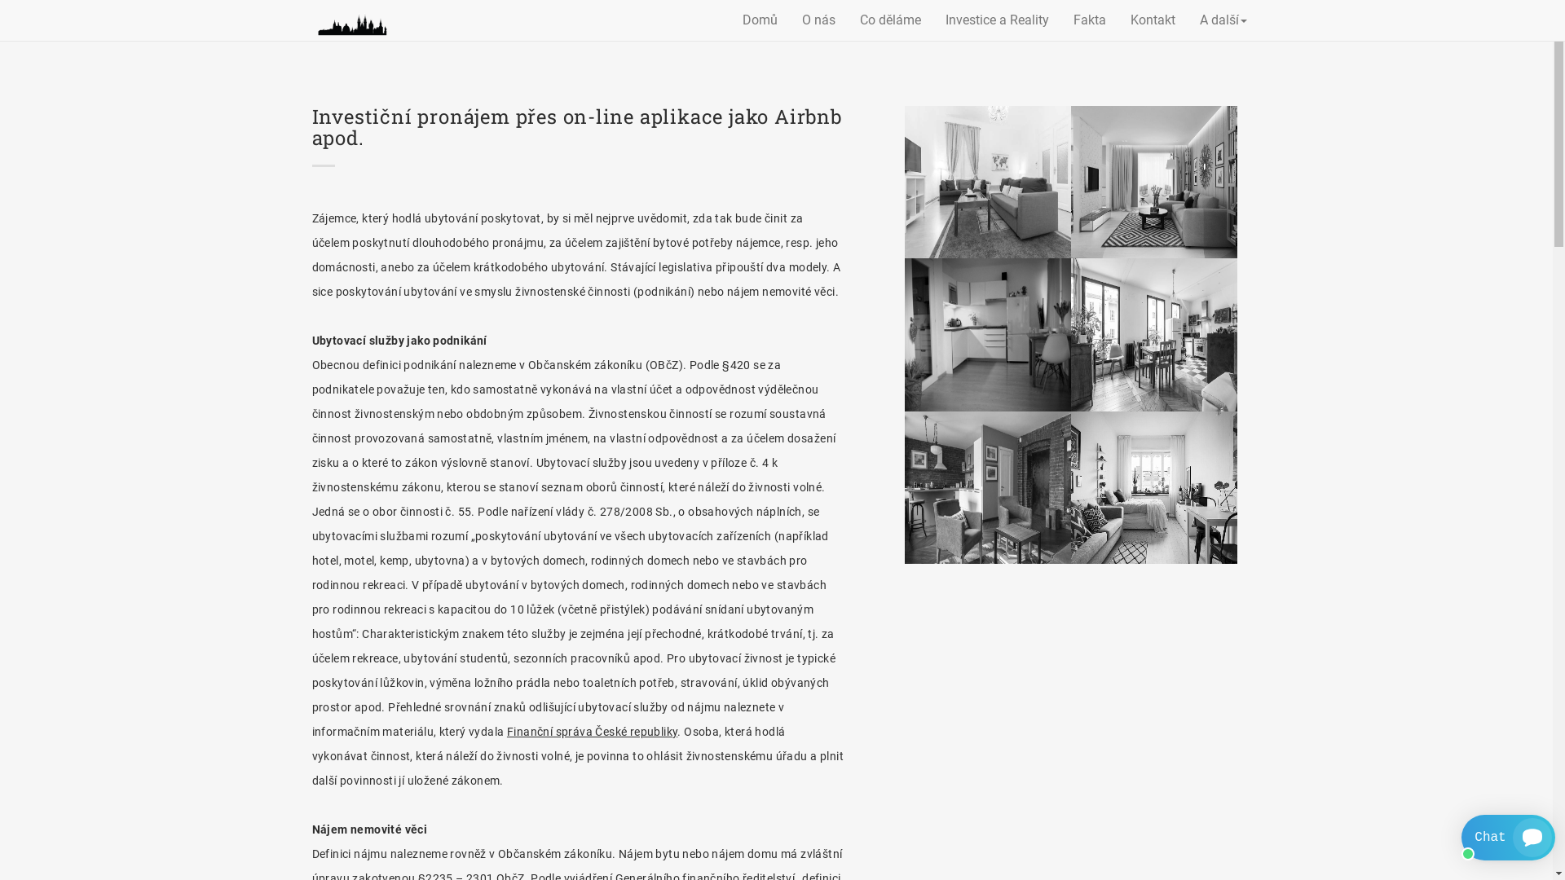 This screenshot has height=880, width=1565. I want to click on 'Smartsupp widget button', so click(1507, 838).